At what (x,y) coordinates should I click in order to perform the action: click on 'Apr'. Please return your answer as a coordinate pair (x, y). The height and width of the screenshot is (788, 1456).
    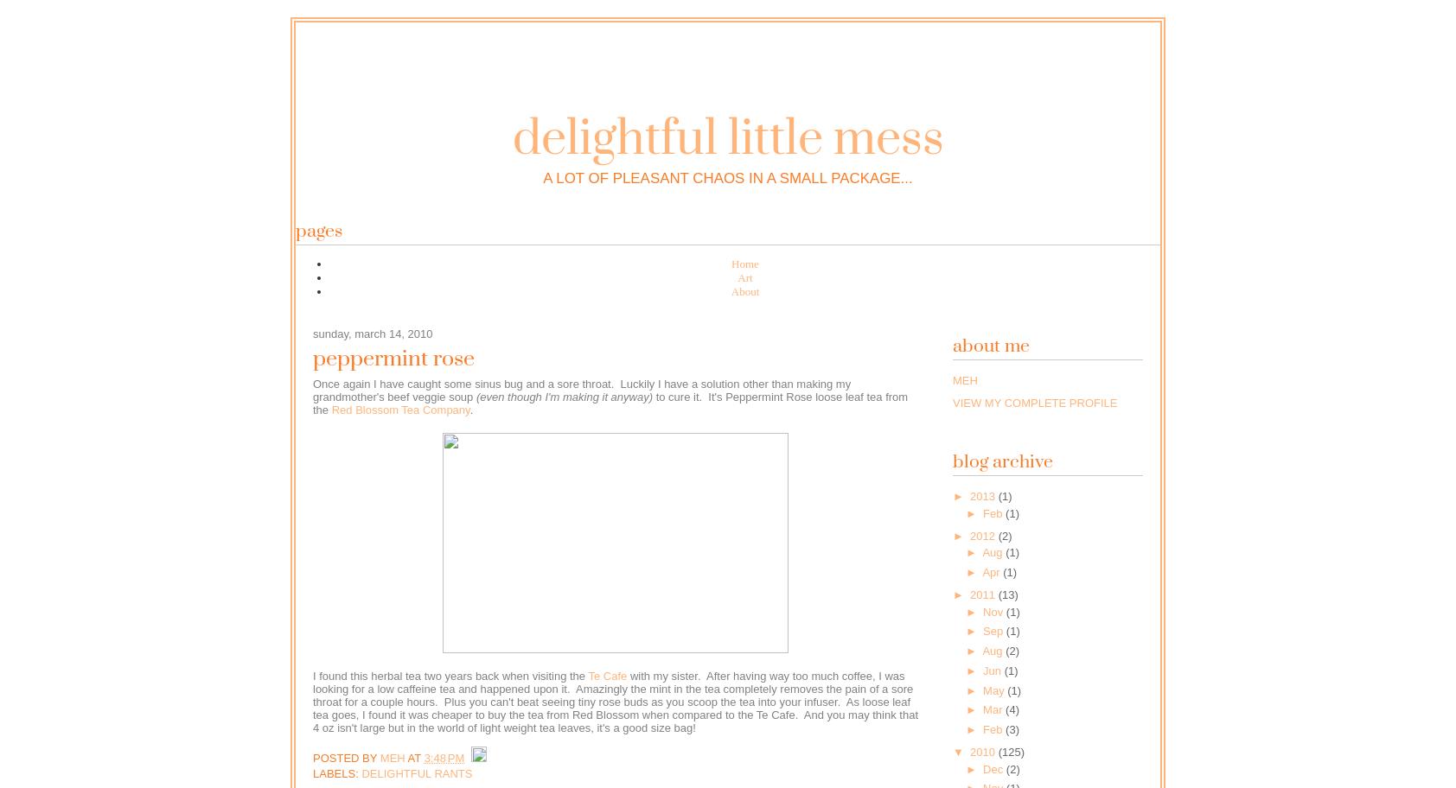
    Looking at the image, I should click on (992, 571).